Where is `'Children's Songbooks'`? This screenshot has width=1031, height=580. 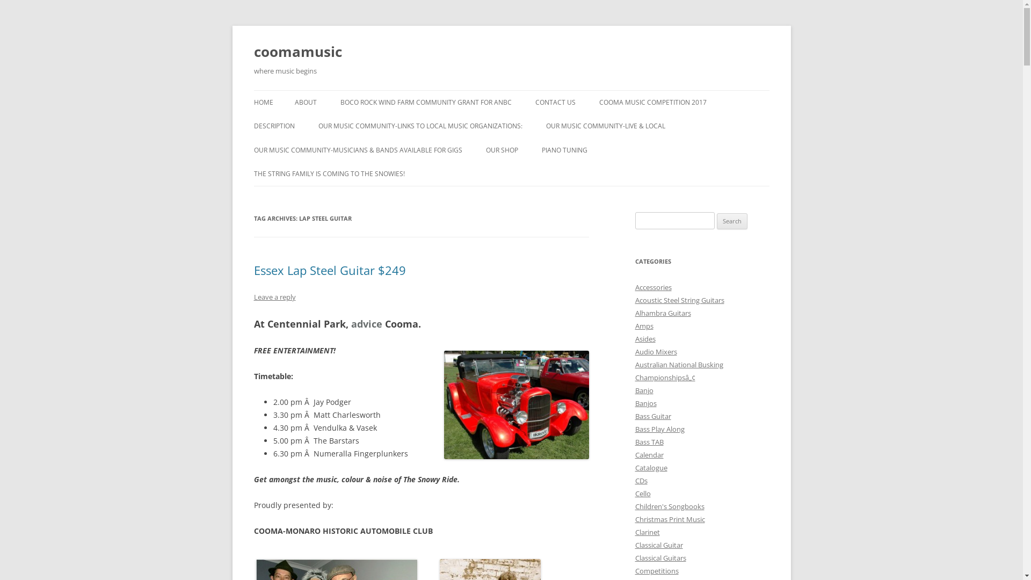 'Children's Songbooks' is located at coordinates (669, 506).